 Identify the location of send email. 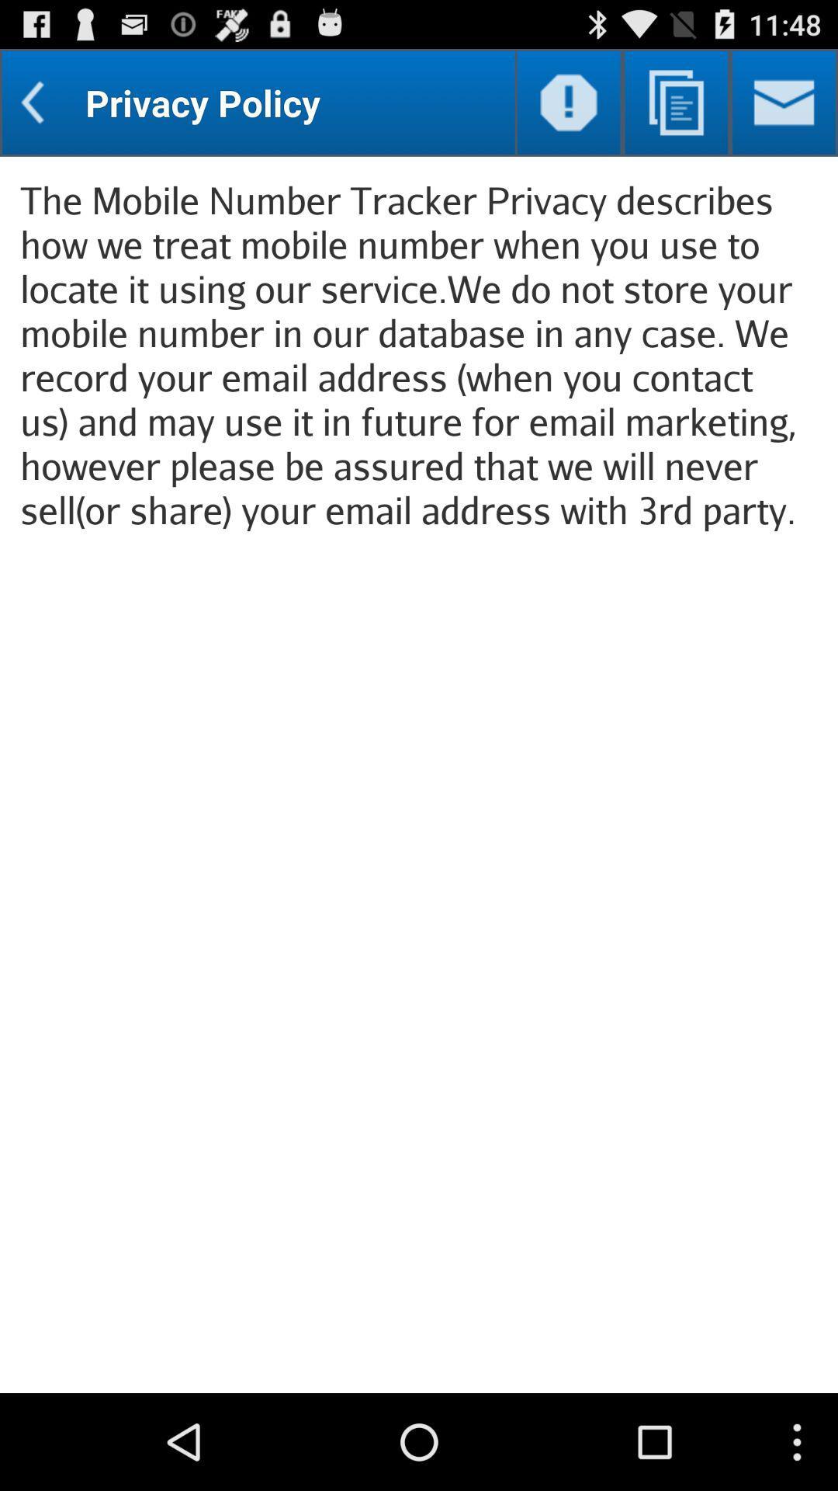
(784, 102).